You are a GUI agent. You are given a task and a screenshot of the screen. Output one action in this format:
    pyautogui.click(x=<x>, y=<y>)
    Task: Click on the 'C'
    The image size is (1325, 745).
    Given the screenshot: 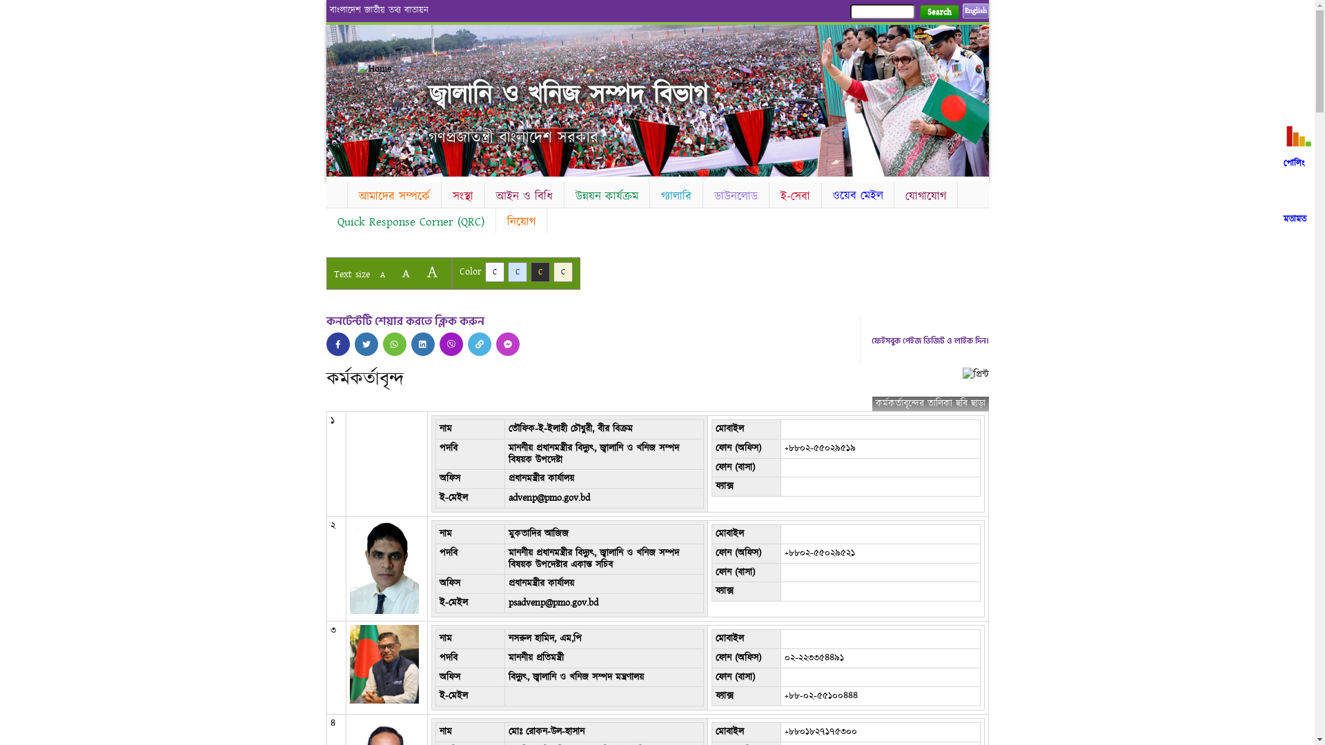 What is the action you would take?
    pyautogui.click(x=539, y=272)
    